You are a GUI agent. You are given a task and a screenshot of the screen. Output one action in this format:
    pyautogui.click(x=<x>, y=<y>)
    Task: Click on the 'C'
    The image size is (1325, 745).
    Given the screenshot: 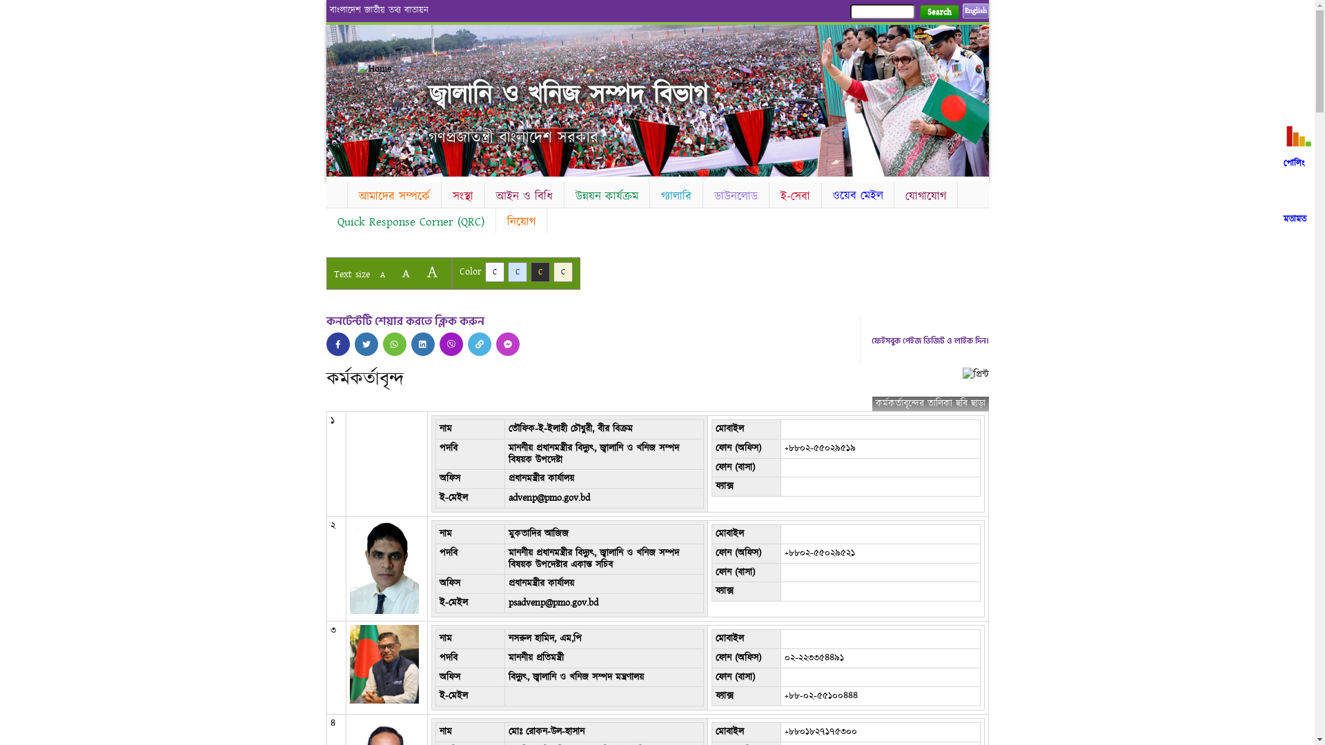 What is the action you would take?
    pyautogui.click(x=539, y=272)
    